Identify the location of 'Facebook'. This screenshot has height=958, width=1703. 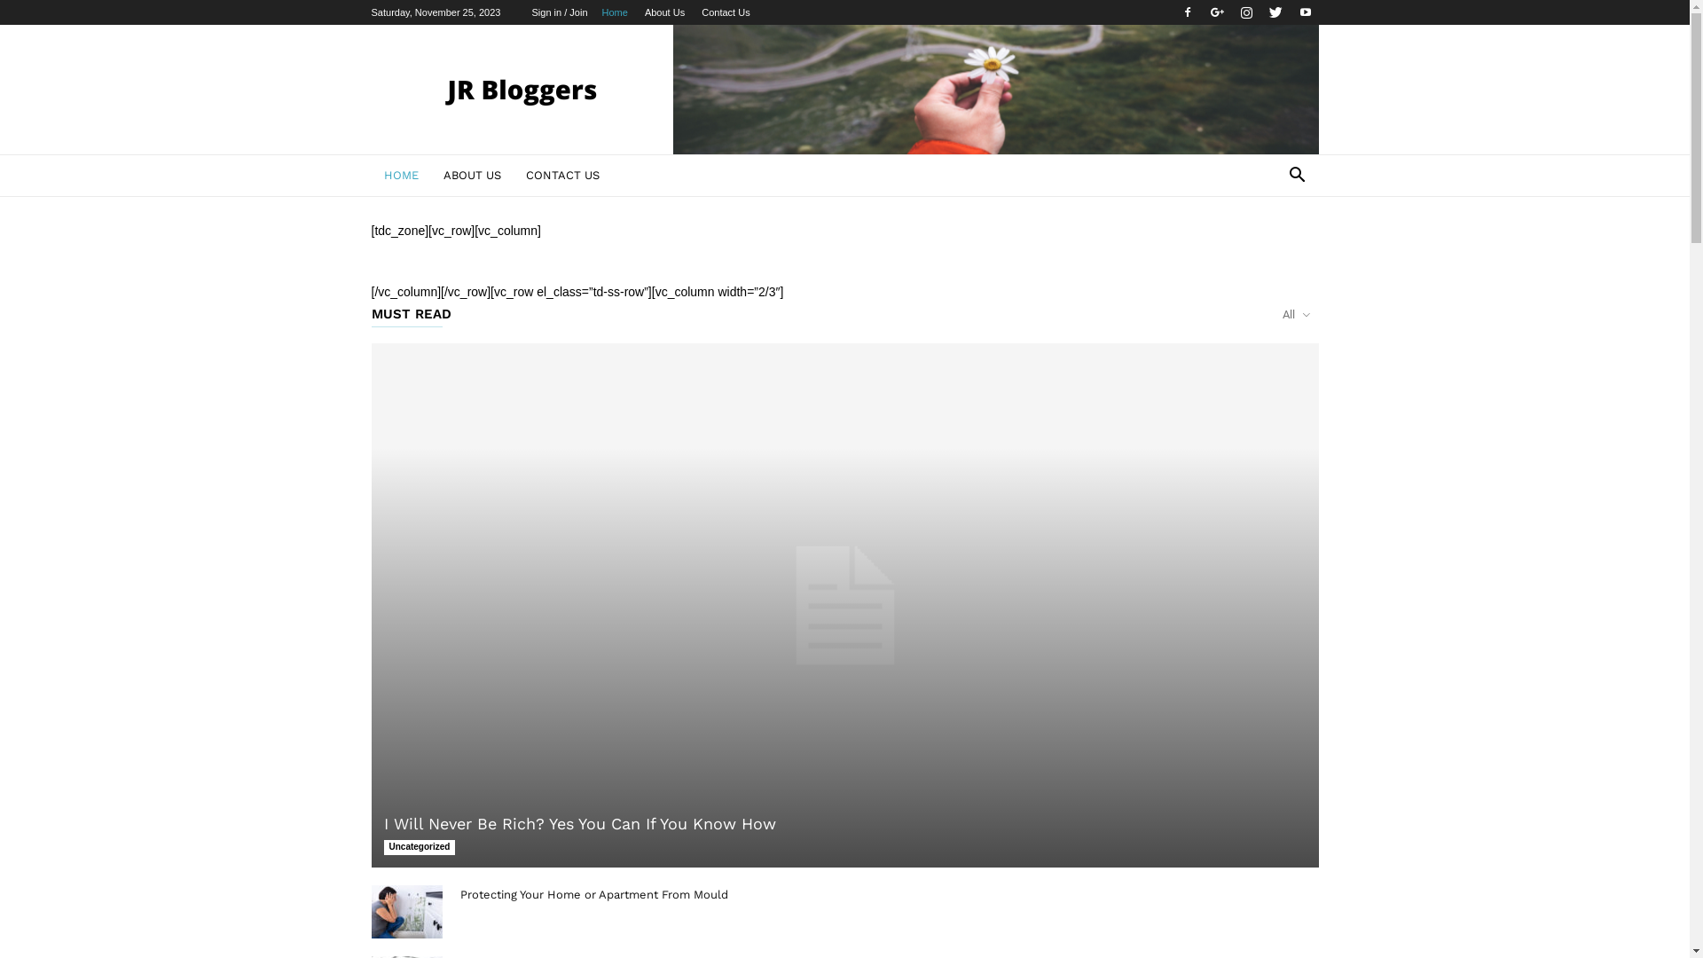
(1188, 12).